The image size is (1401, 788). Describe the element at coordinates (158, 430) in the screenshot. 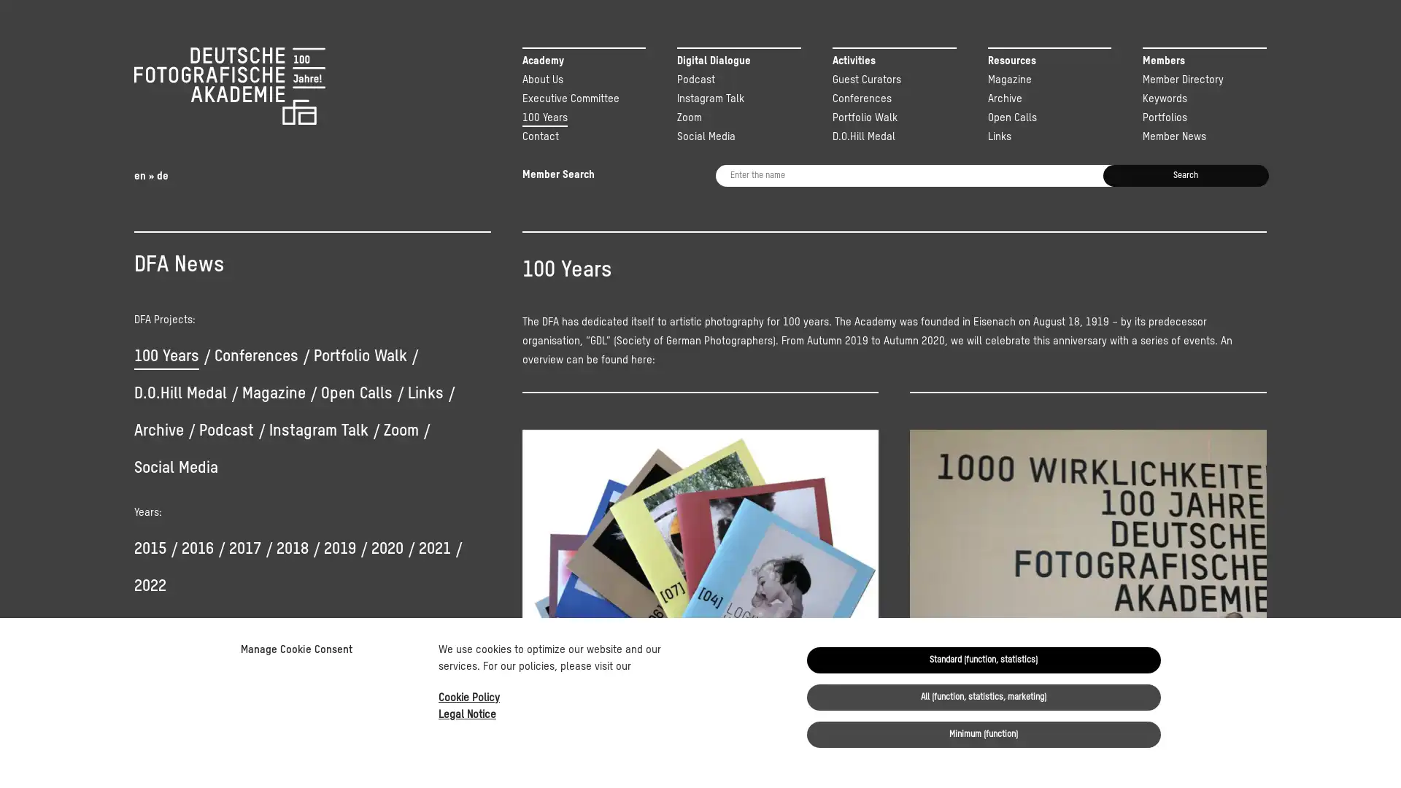

I see `Archive` at that location.